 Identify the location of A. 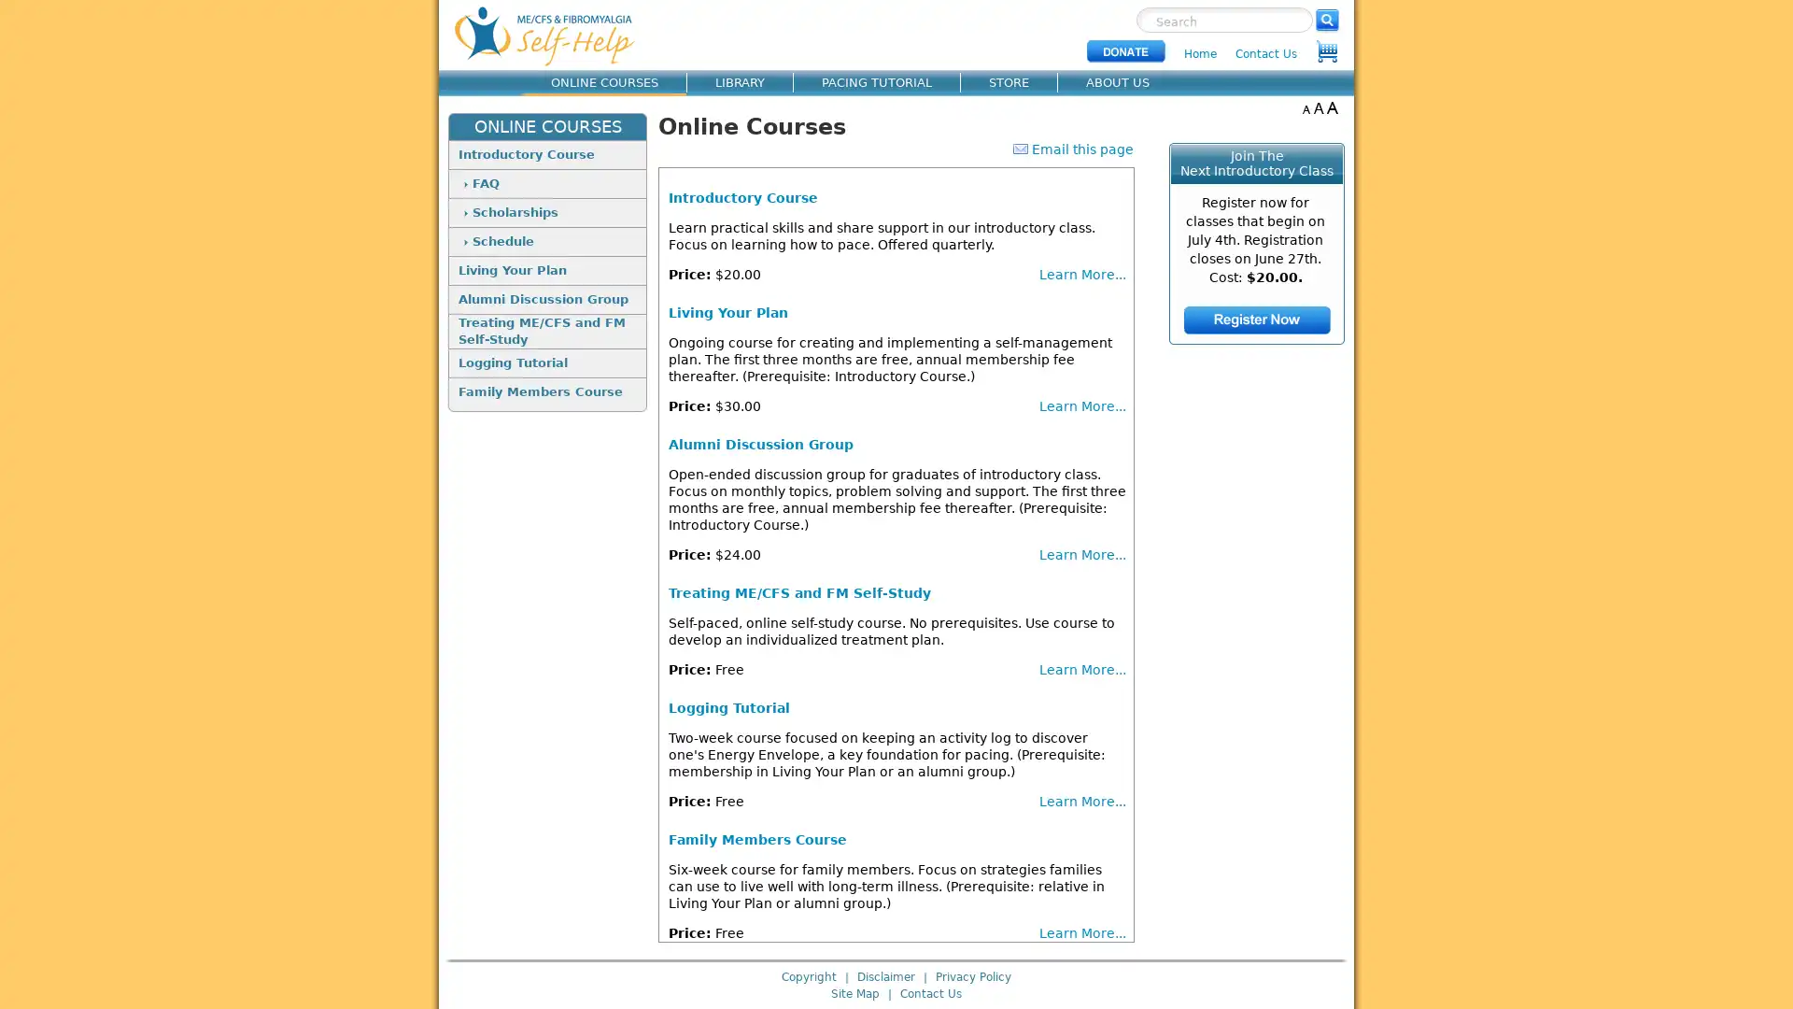
(1331, 107).